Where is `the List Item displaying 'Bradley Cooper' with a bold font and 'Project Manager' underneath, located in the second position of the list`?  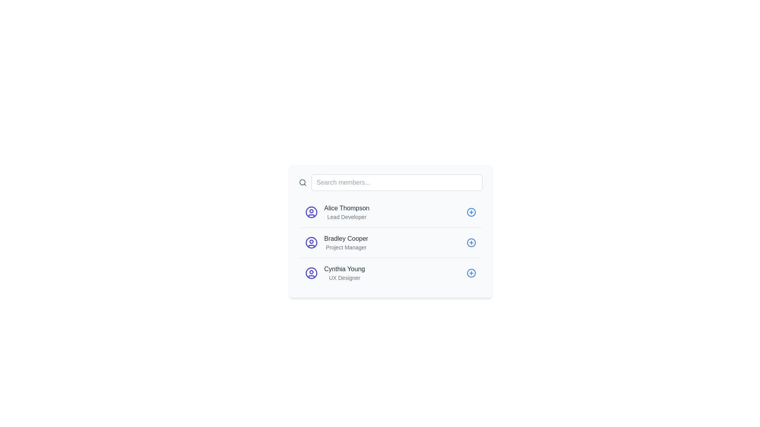 the List Item displaying 'Bradley Cooper' with a bold font and 'Project Manager' underneath, located in the second position of the list is located at coordinates (391, 242).